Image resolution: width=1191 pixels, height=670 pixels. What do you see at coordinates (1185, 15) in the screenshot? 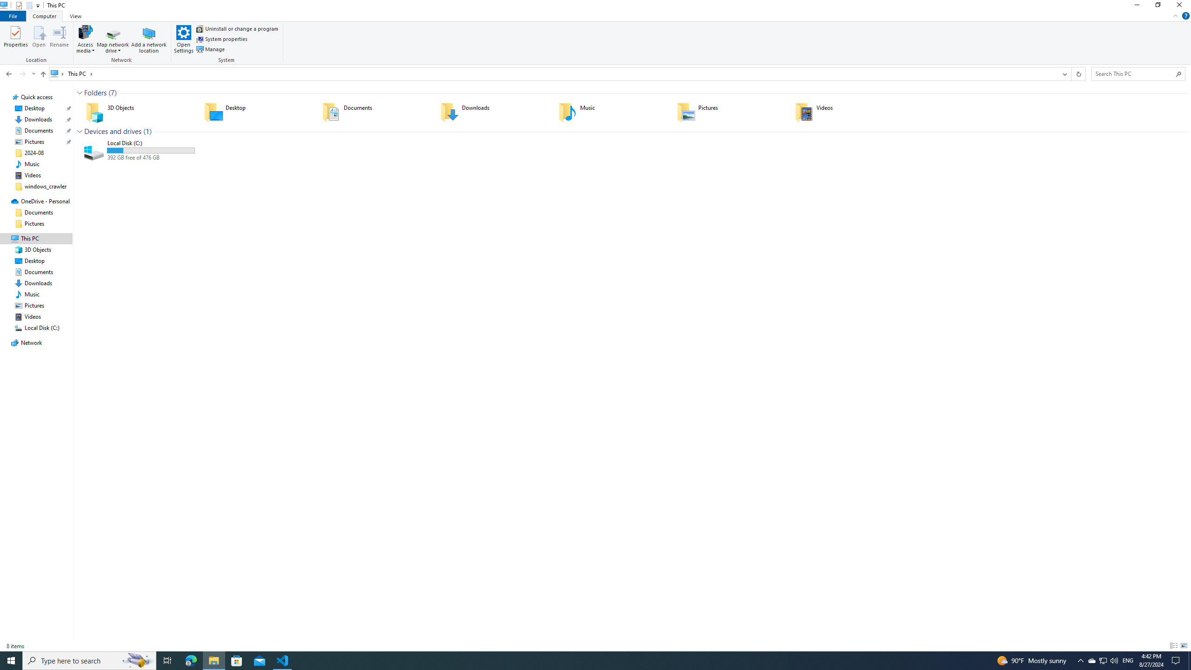
I see `'Help'` at bounding box center [1185, 15].